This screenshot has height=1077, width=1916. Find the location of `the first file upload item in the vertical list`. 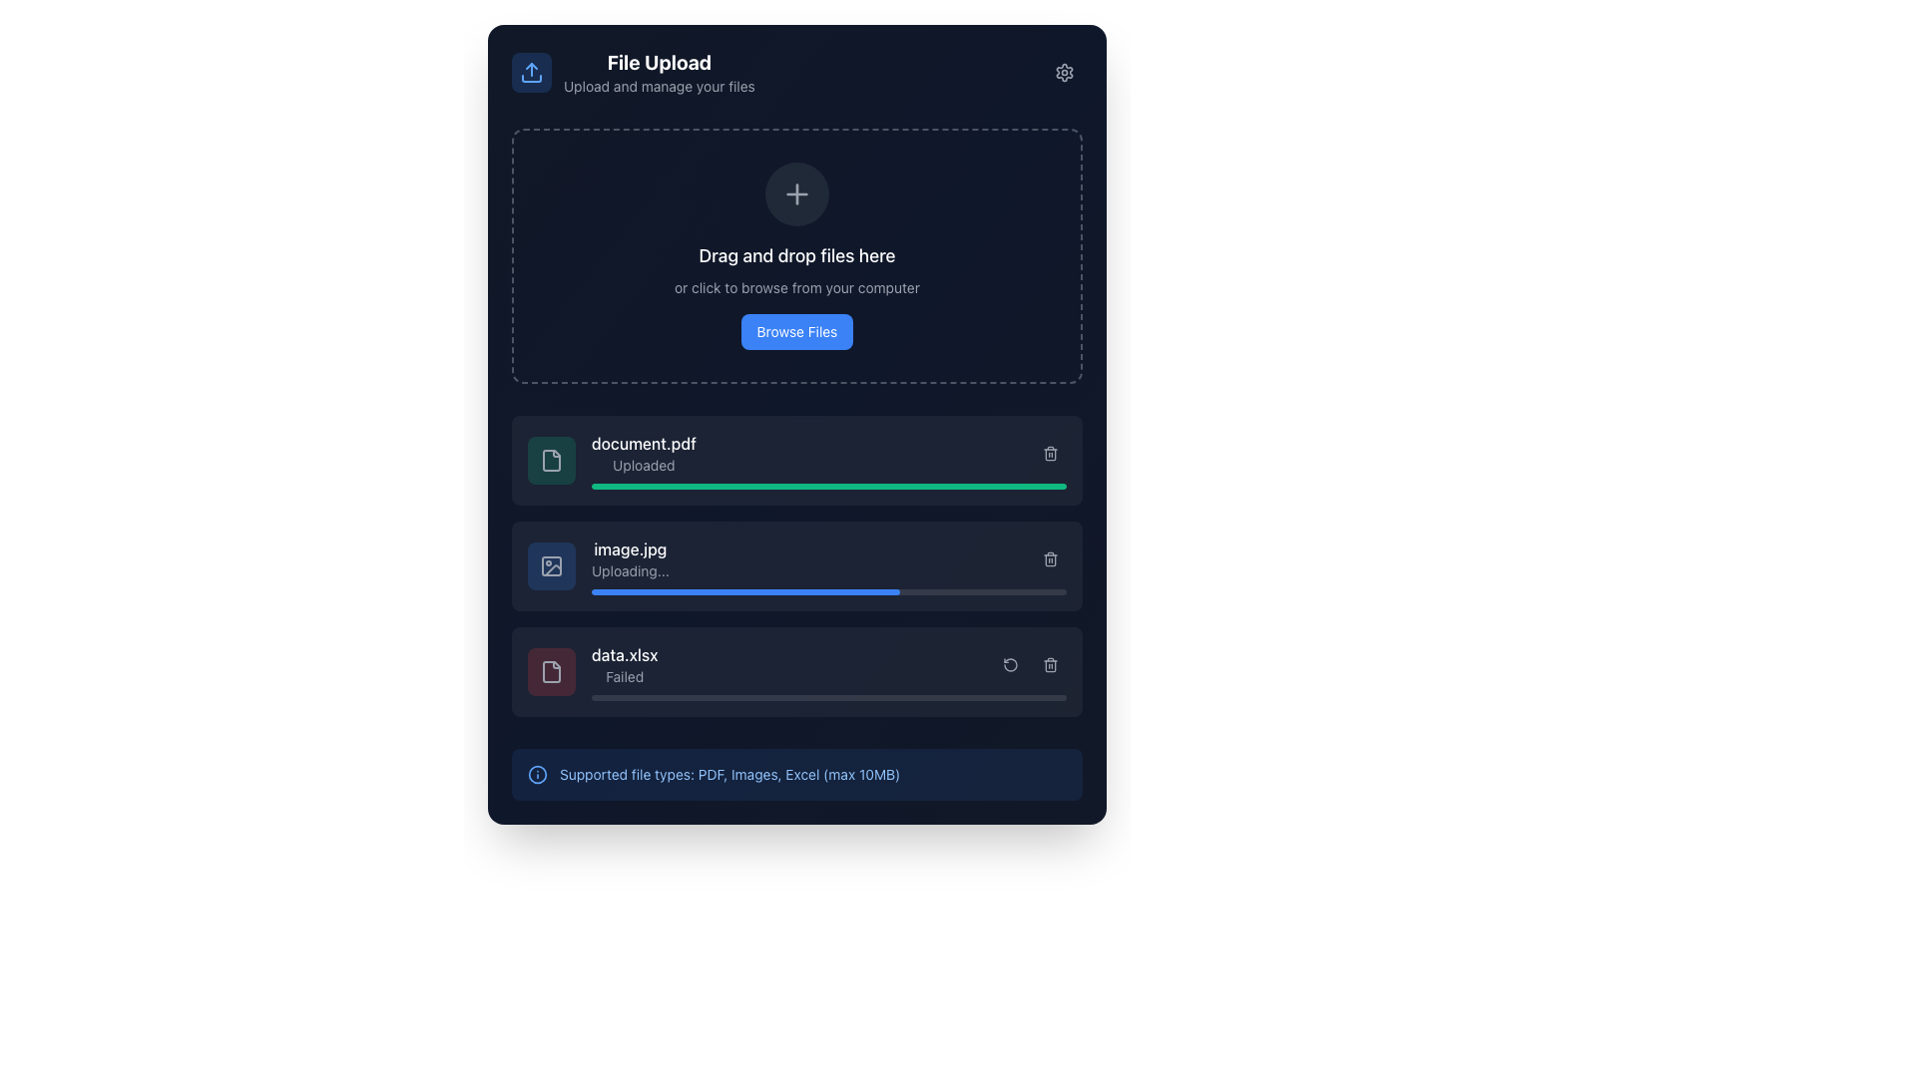

the first file upload item in the vertical list is located at coordinates (795, 461).